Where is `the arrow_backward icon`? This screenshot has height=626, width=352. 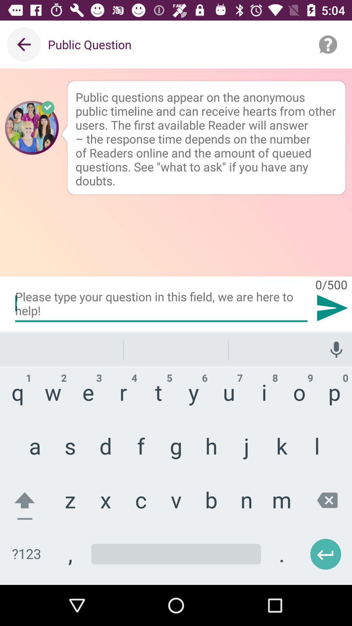 the arrow_backward icon is located at coordinates (308, 547).